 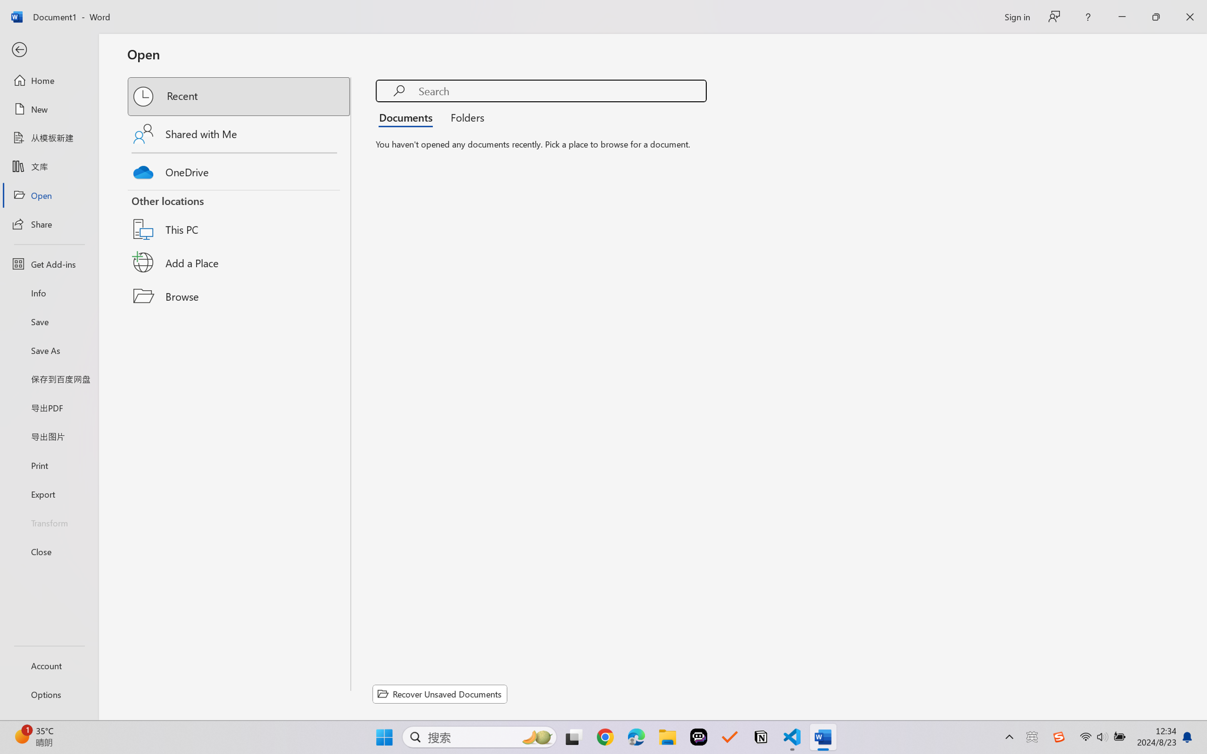 I want to click on 'Folders', so click(x=464, y=116).